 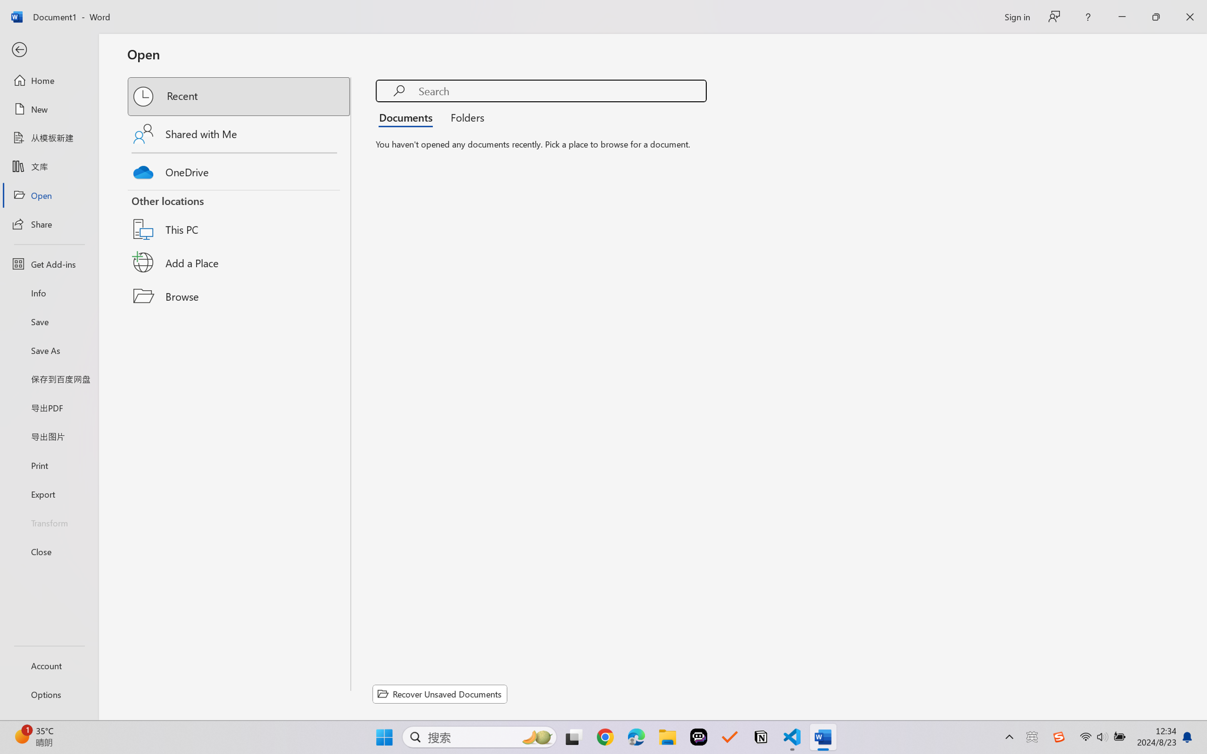 I want to click on 'Folders', so click(x=464, y=116).